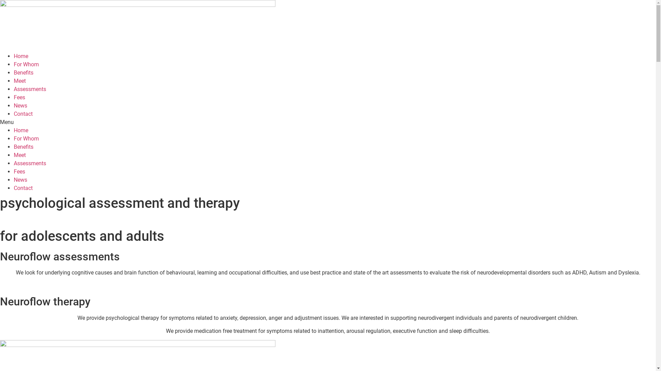 Image resolution: width=661 pixels, height=371 pixels. I want to click on 'News', so click(20, 105).